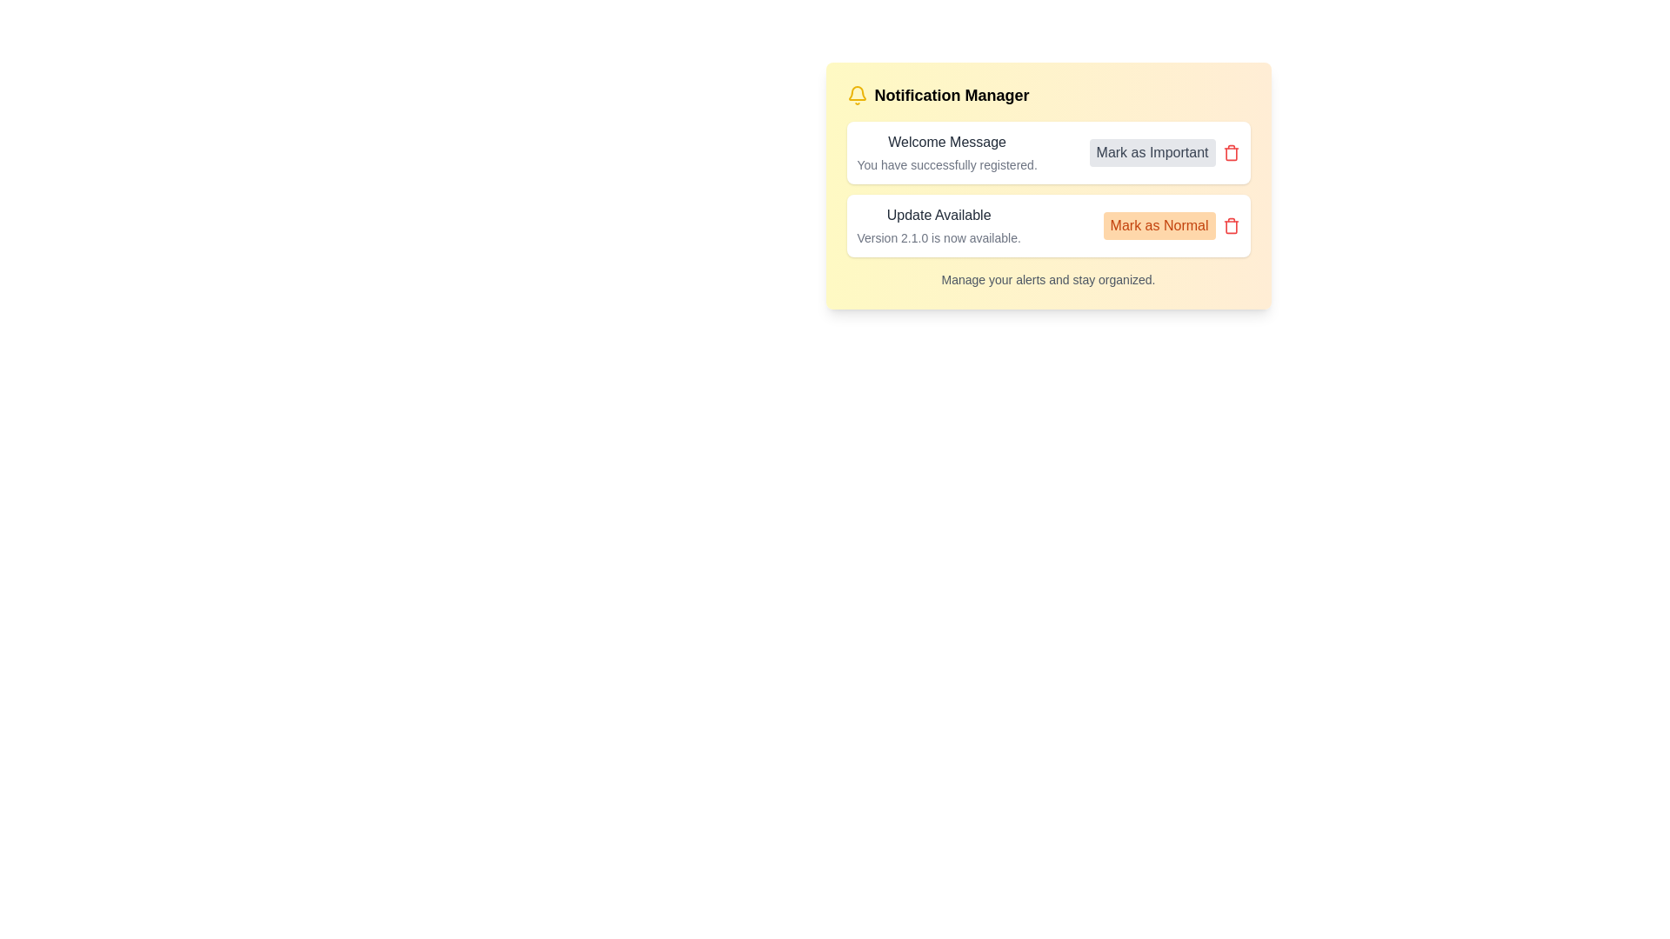 Image resolution: width=1670 pixels, height=939 pixels. What do you see at coordinates (938, 224) in the screenshot?
I see `the informational text block that provides details about the available update, version 2.1.0, which is the second card in the notification manager interface` at bounding box center [938, 224].